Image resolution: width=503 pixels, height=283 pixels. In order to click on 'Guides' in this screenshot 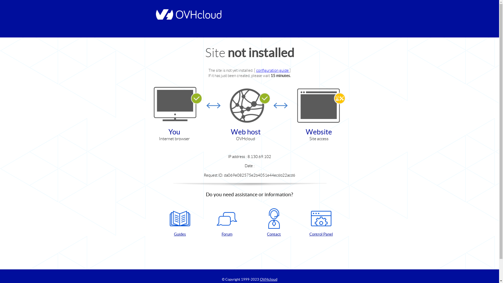, I will do `click(180, 222)`.